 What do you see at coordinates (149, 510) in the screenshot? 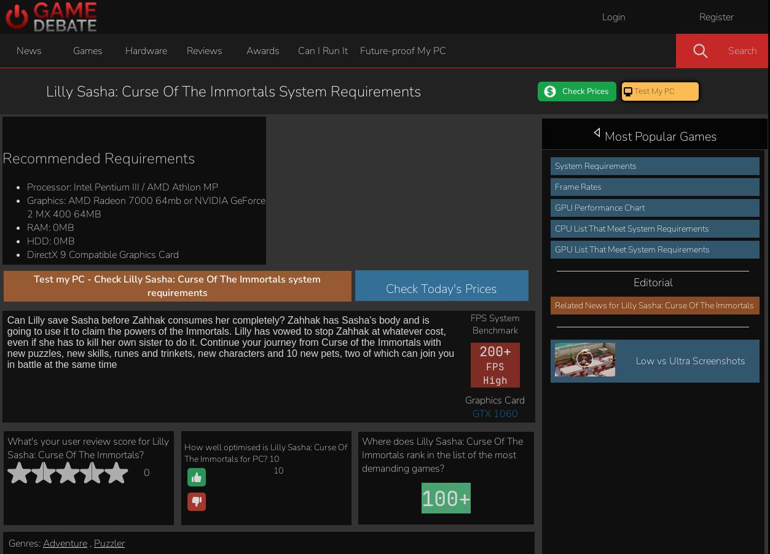
I see `'Minimum'` at bounding box center [149, 510].